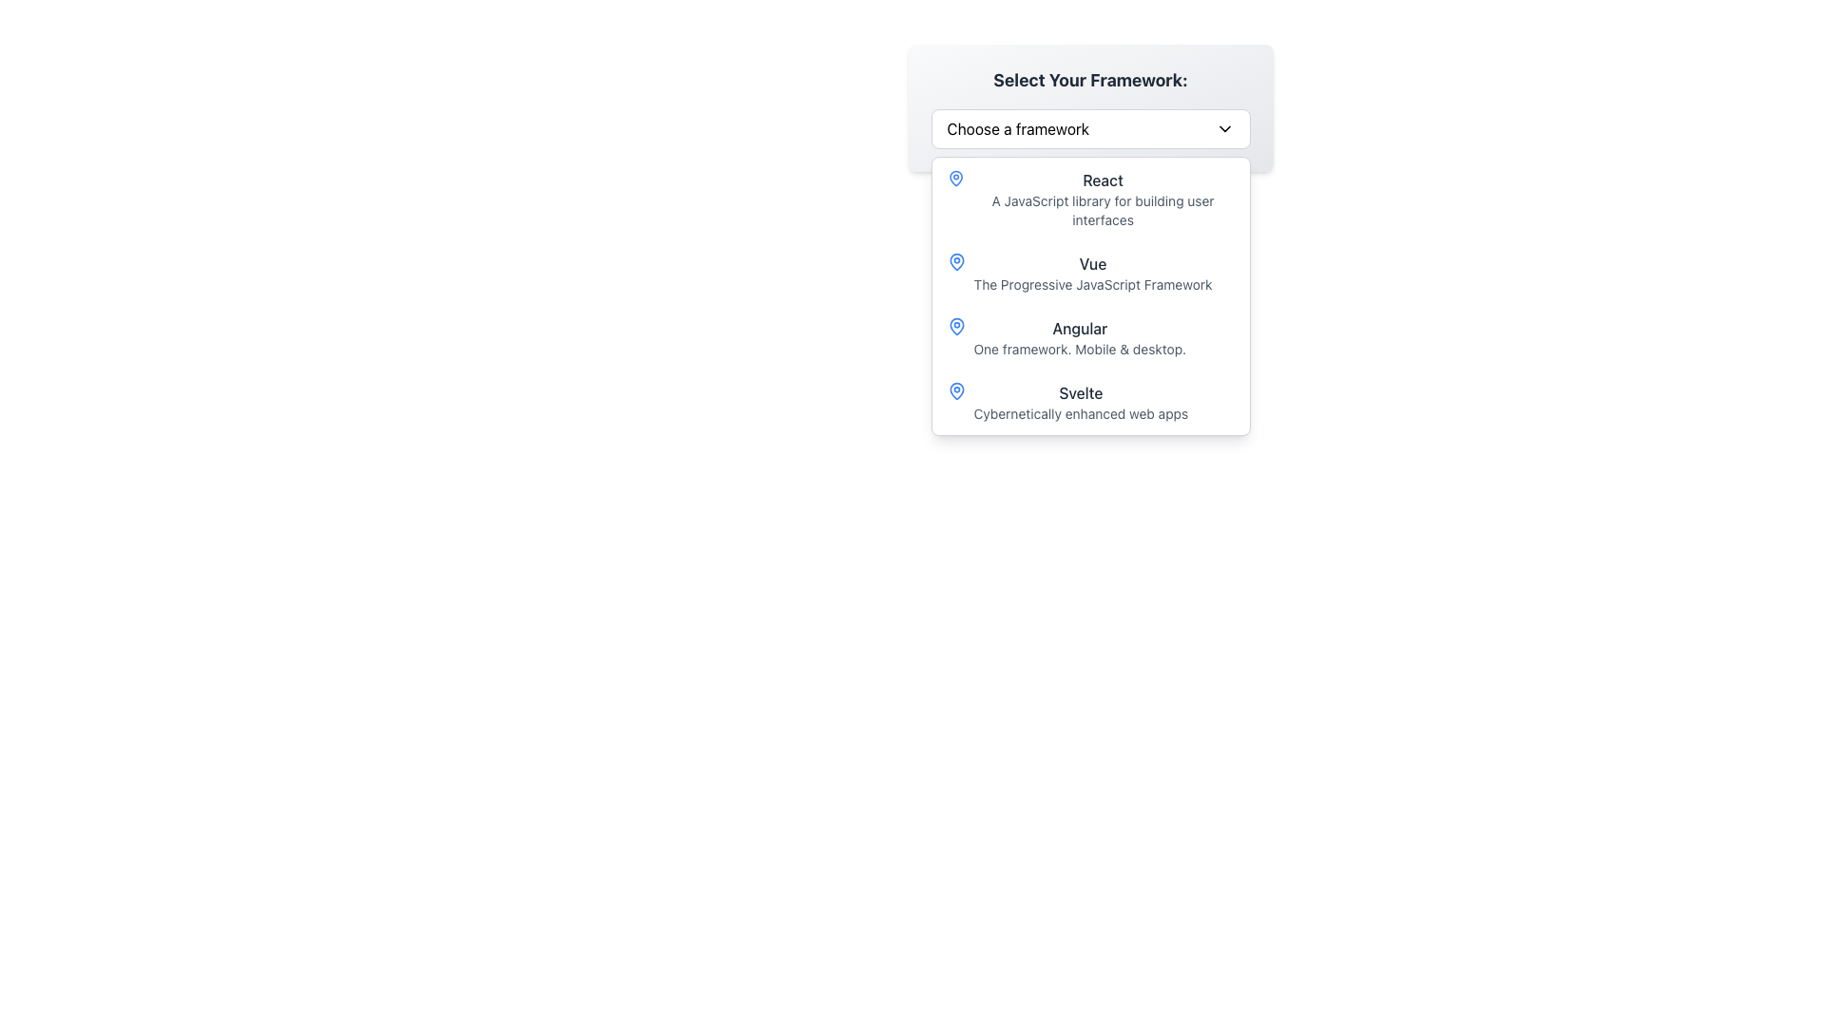  I want to click on descriptive content of the text label that reads 'The Progressive JavaScript Framework', which is styled with a small font size and light gray color, located directly below the bolded text 'Vue', so click(1092, 285).